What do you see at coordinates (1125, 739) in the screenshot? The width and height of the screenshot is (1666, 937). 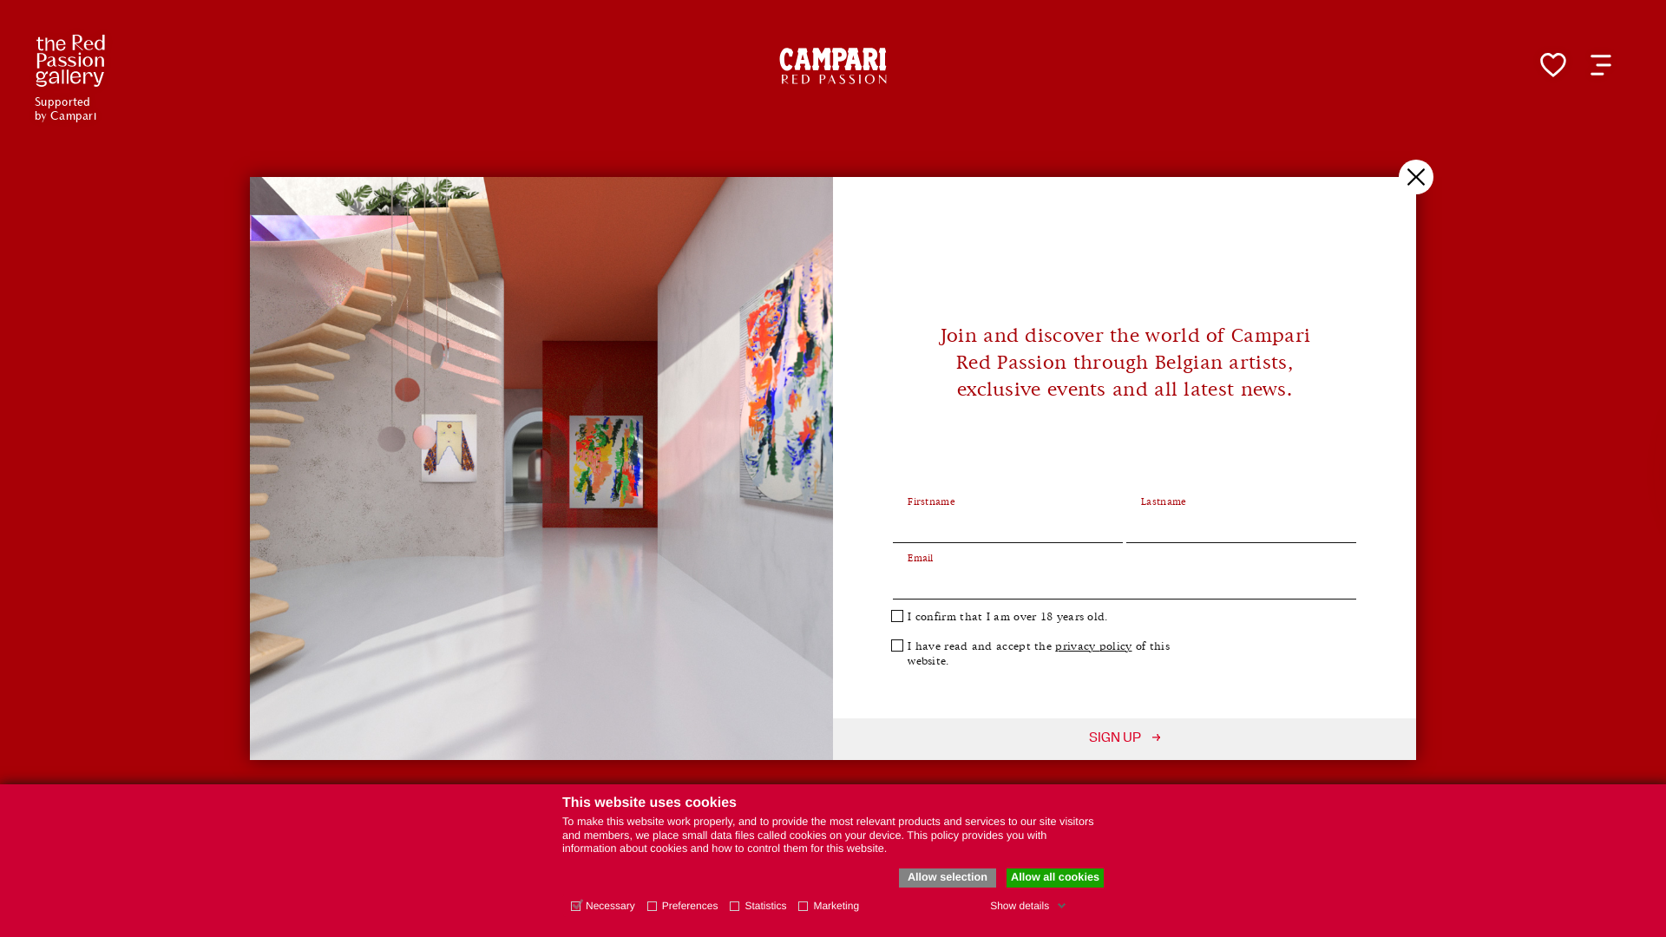 I see `'SIGN UP'` at bounding box center [1125, 739].